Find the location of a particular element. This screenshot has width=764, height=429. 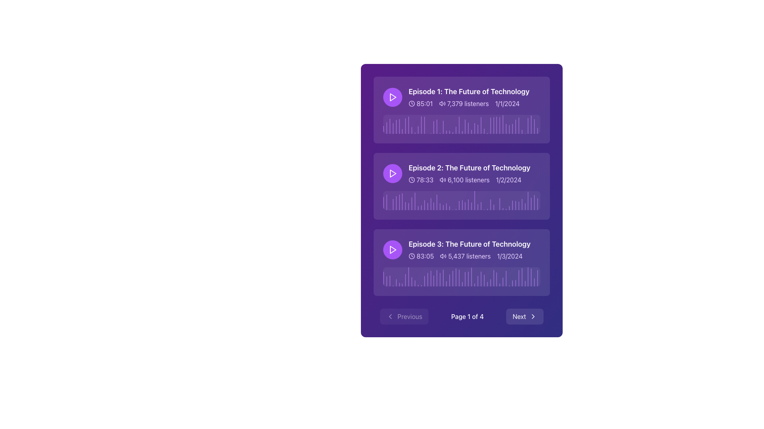

the 23rd vertical graphical bar in the horizontal progress timeline under the 'Episode 3' card, which serves as a playback position indicator is located at coordinates (452, 278).